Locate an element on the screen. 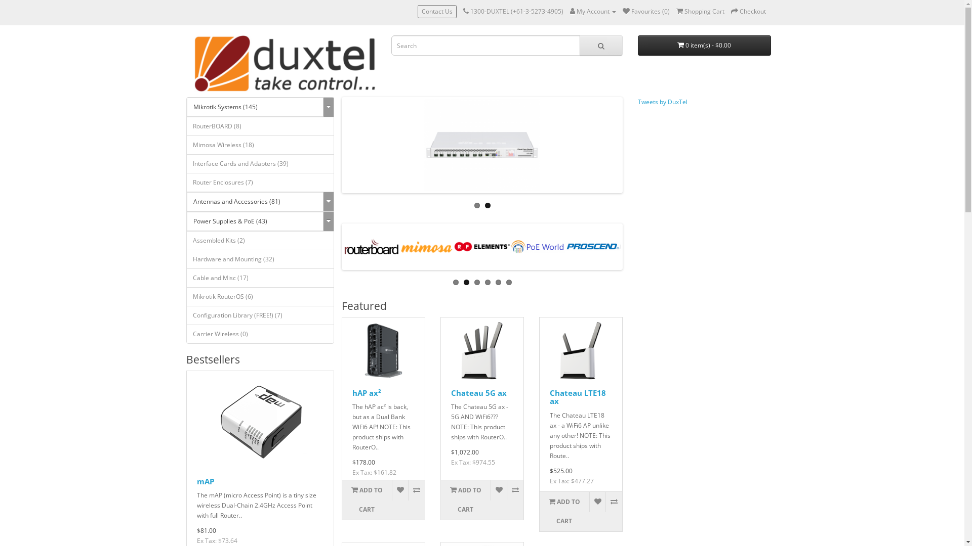 The width and height of the screenshot is (972, 546). 'Carrier Wireless (0)' is located at coordinates (260, 334).